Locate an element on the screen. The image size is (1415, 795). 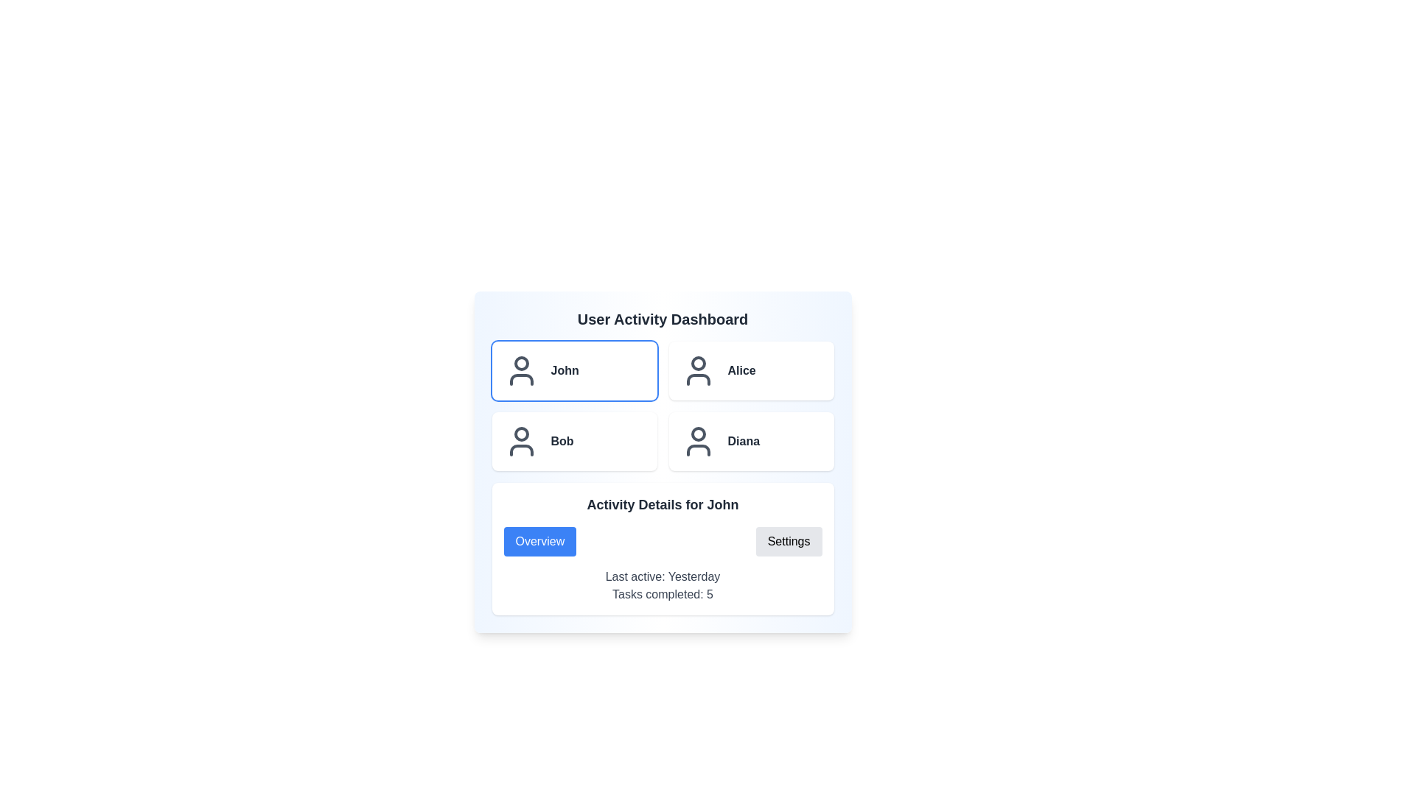
the user avatar icon representing Diana, located in the bottom-right quadrant of the dashboard above the text 'Diana' is located at coordinates (697, 441).